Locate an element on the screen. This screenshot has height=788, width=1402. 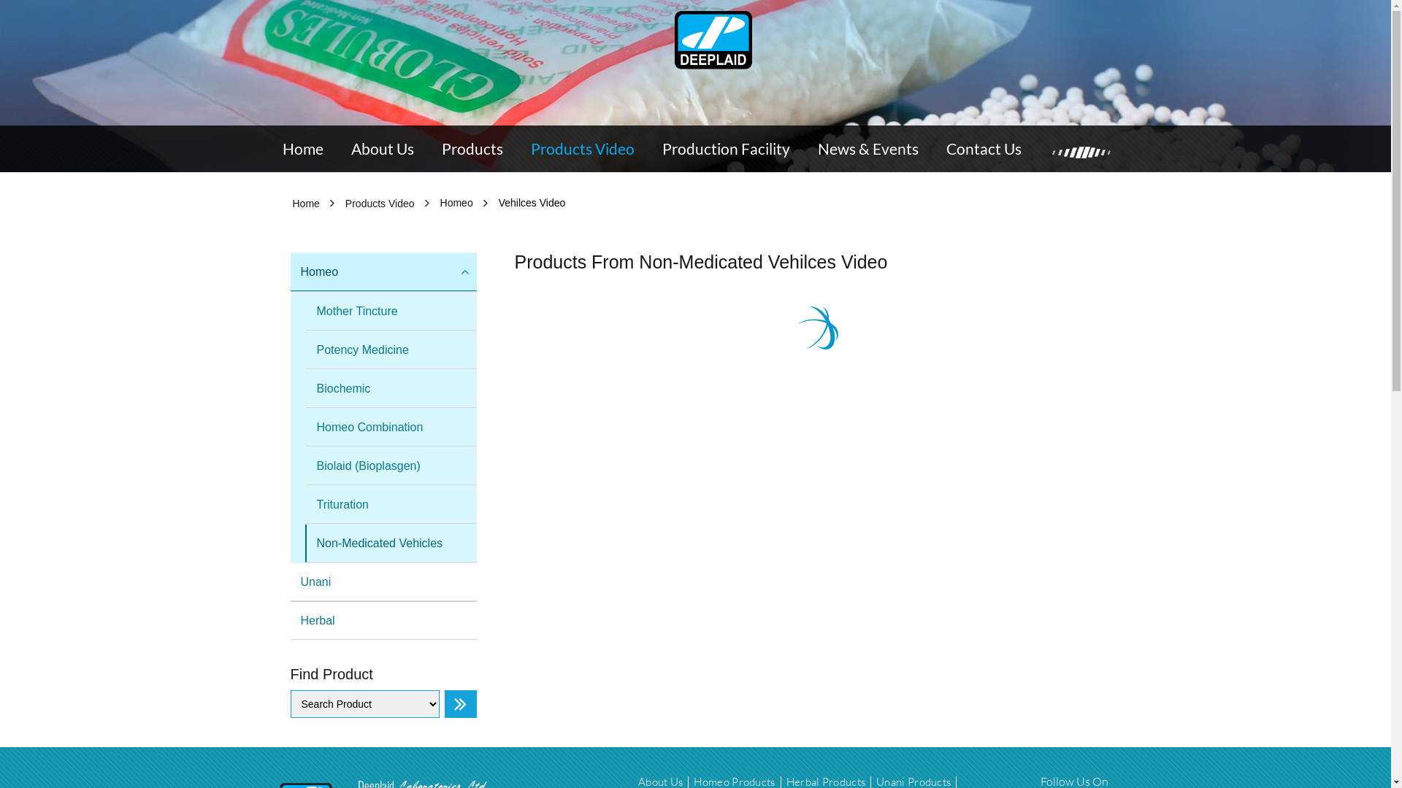
'Home' is located at coordinates (304, 203).